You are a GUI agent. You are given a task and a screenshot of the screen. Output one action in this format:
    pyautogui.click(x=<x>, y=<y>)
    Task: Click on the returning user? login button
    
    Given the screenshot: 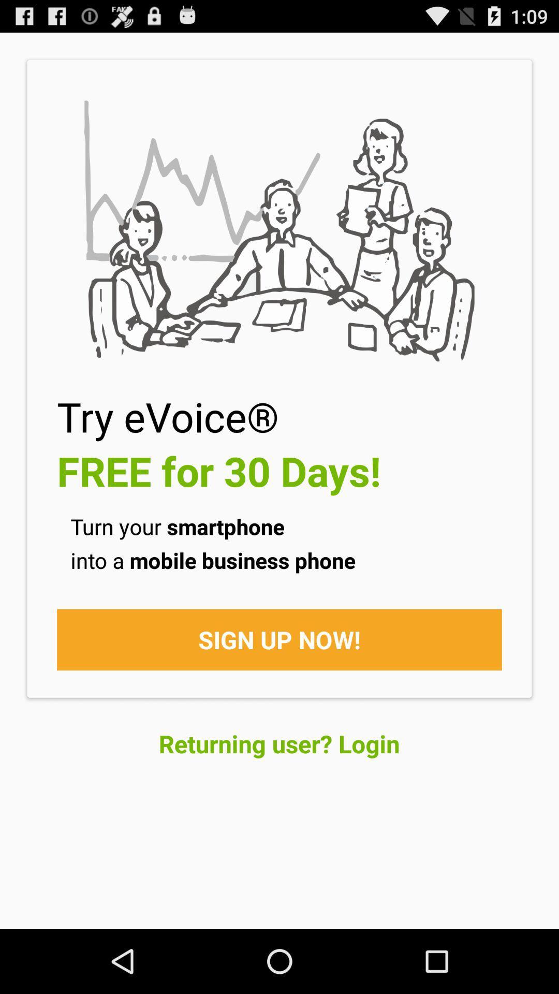 What is the action you would take?
    pyautogui.click(x=278, y=743)
    